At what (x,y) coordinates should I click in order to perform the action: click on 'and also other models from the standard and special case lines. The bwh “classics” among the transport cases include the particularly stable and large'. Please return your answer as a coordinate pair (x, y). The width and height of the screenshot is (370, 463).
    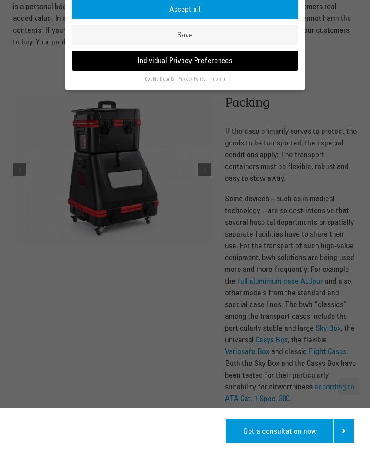
    Looking at the image, I should click on (287, 303).